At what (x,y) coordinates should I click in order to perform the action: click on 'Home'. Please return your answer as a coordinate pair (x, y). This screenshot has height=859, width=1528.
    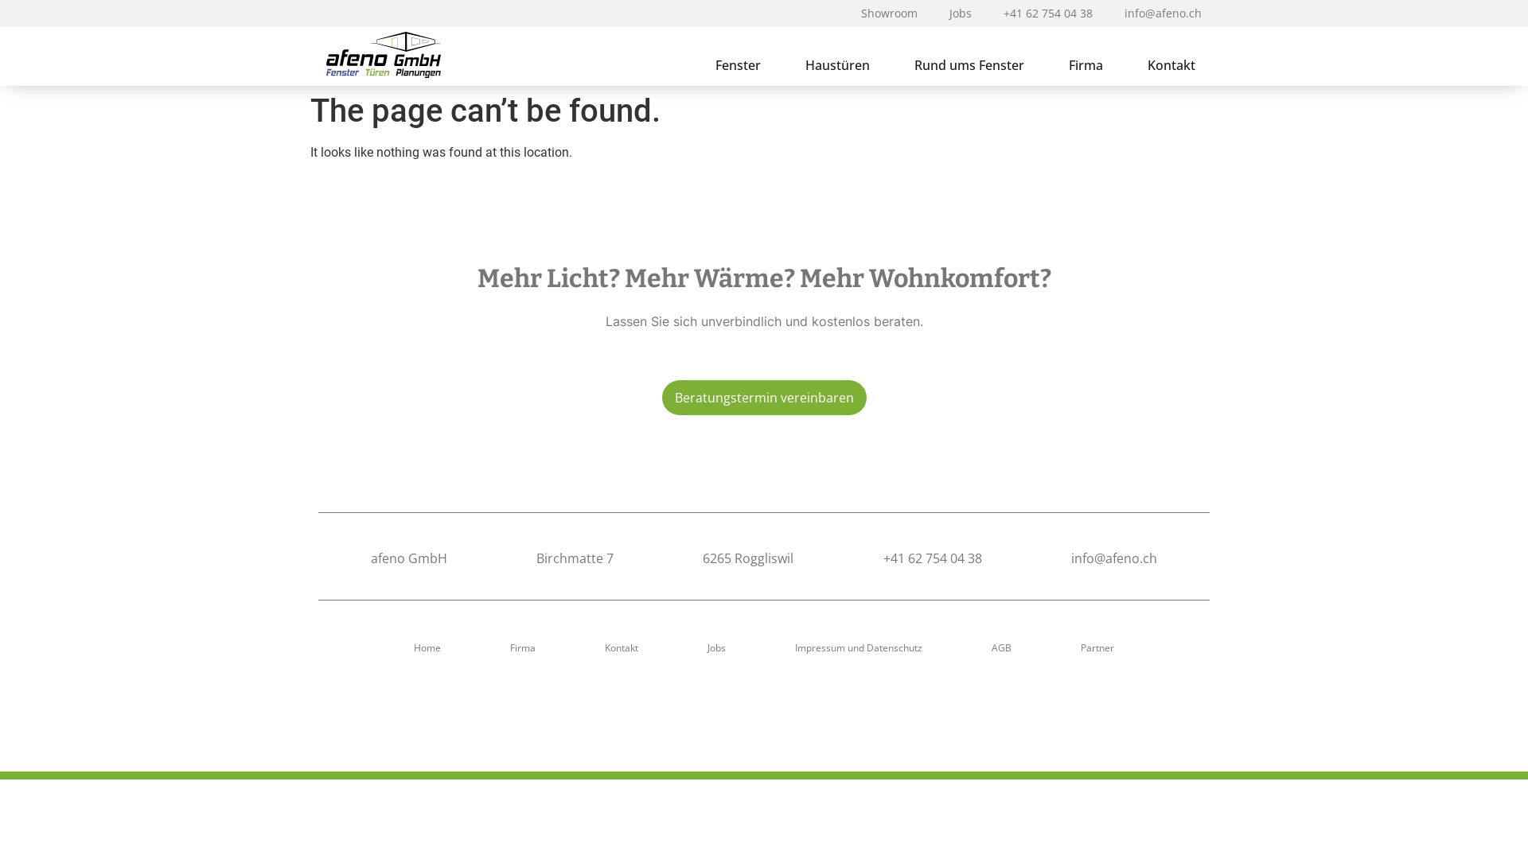
    Looking at the image, I should click on (427, 647).